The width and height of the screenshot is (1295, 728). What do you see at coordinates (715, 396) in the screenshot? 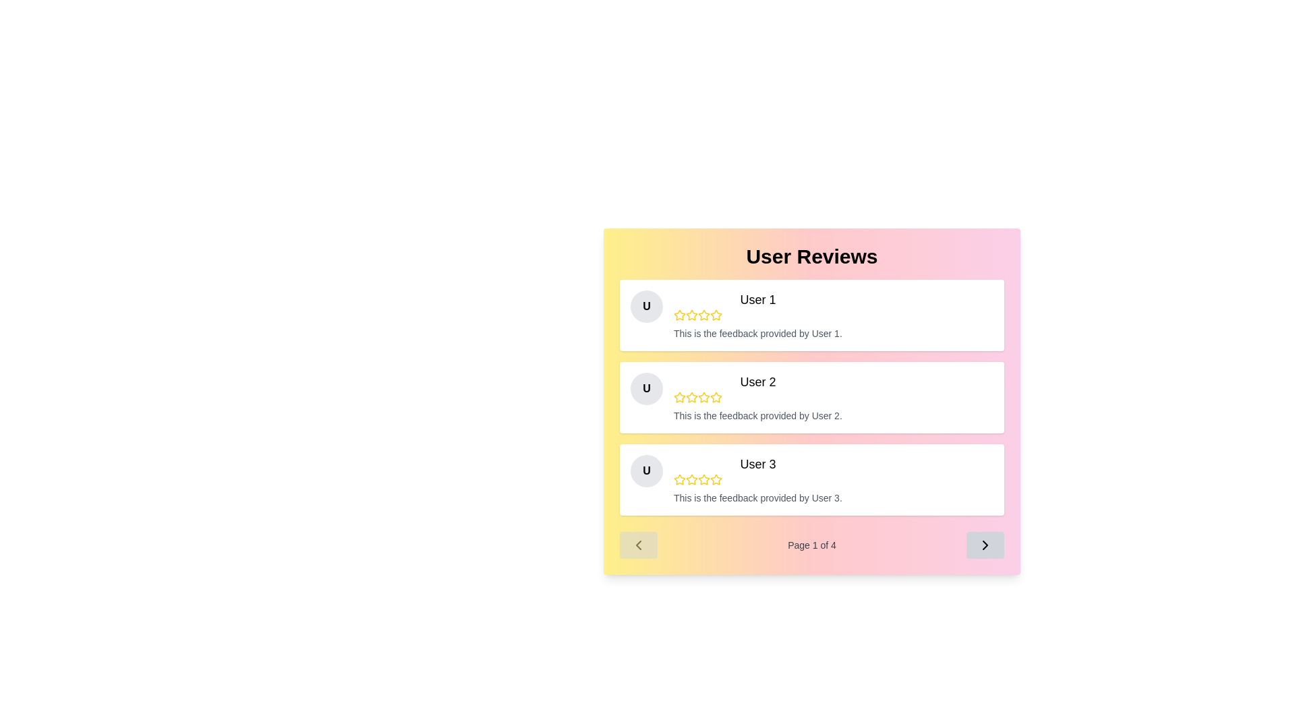
I see `the second star in the five-star rating system located next to the 'User 2' feedback card to interact with the rating system` at bounding box center [715, 396].